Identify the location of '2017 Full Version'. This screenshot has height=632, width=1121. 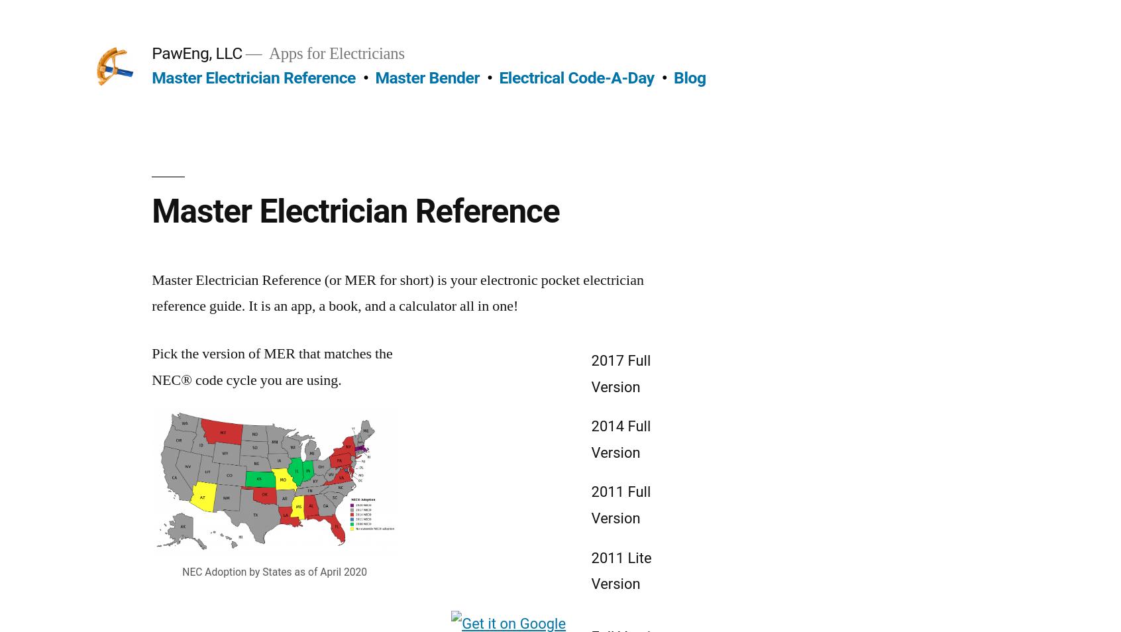
(590, 372).